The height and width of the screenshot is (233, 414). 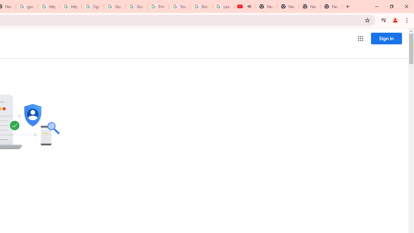 What do you see at coordinates (180, 6) in the screenshot?
I see `'YouTube'` at bounding box center [180, 6].